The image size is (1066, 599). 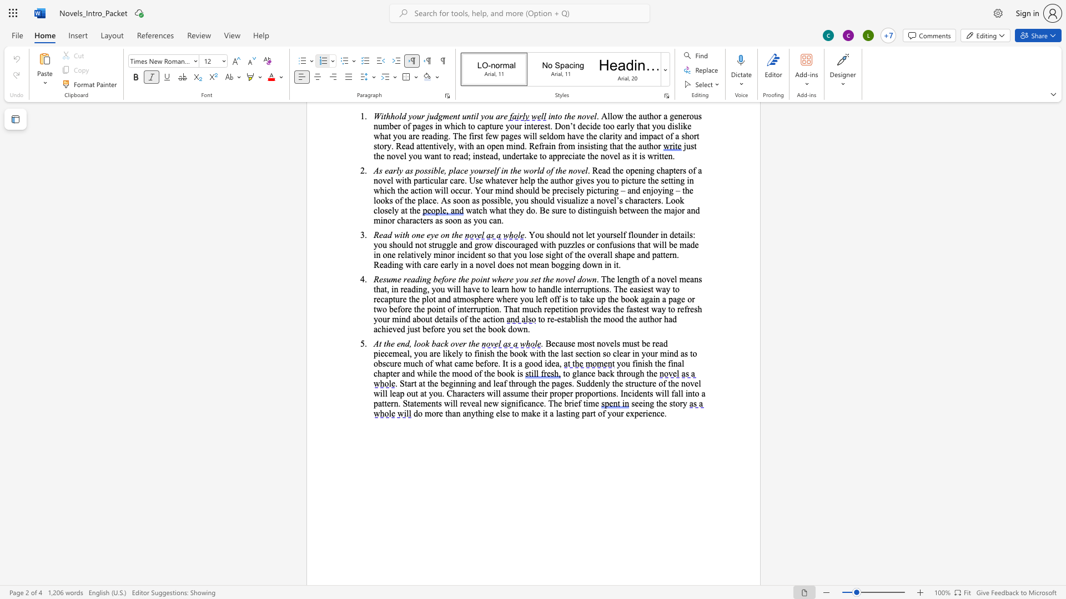 I want to click on the space between the continuous character "s" and "o" in the text, so click(x=491, y=255).